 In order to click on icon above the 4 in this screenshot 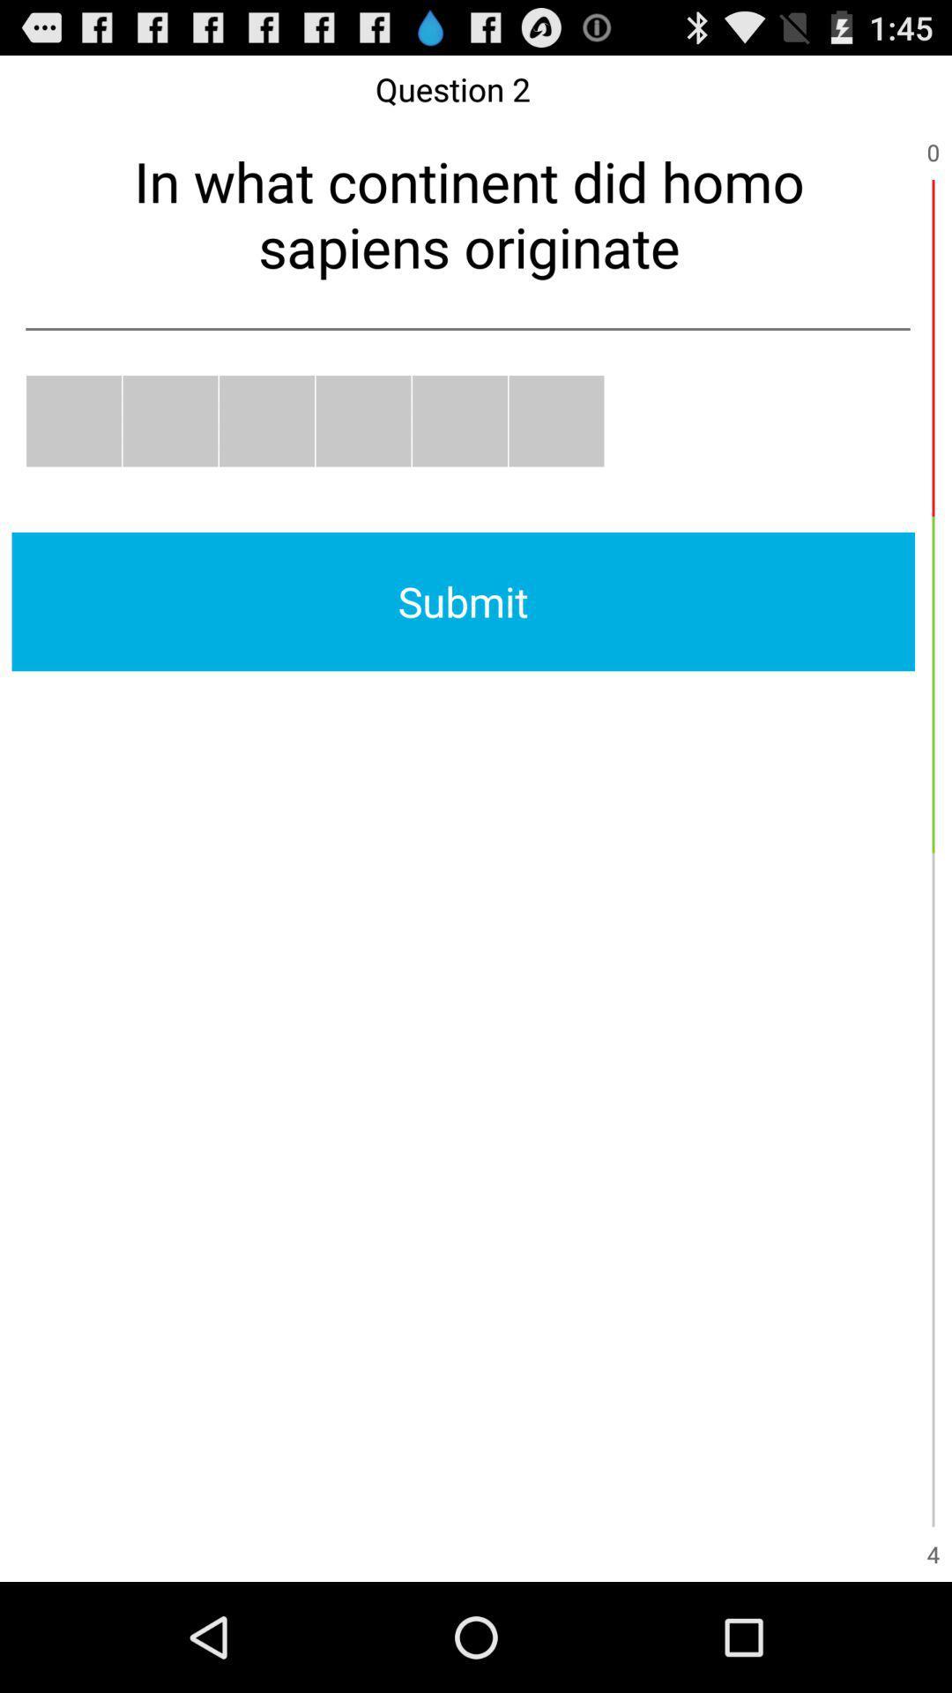, I will do `click(933, 1357)`.